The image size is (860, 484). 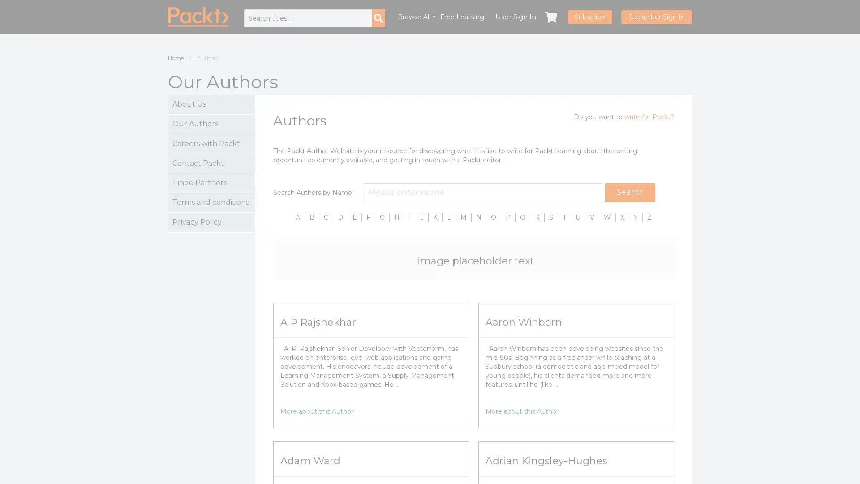 I want to click on Search, so click(x=629, y=191).